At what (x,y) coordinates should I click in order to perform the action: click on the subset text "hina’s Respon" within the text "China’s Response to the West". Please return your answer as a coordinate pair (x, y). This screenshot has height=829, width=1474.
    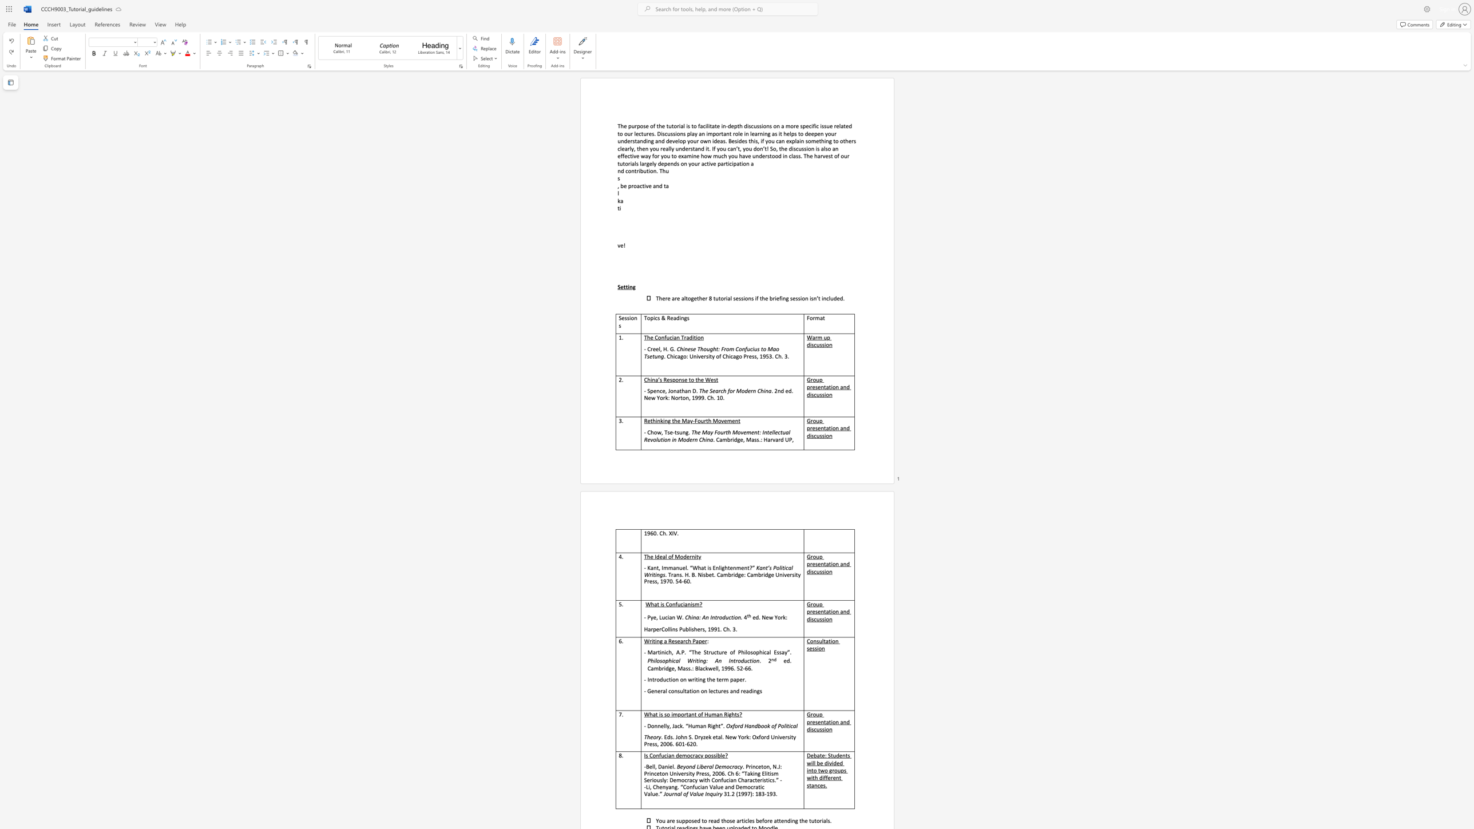
    Looking at the image, I should click on (647, 379).